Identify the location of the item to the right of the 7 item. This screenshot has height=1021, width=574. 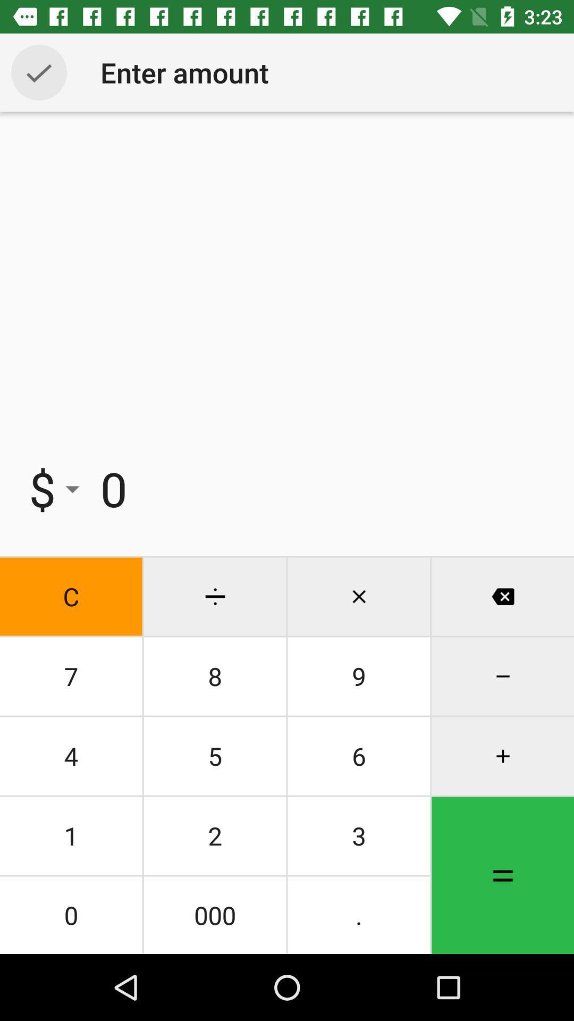
(215, 755).